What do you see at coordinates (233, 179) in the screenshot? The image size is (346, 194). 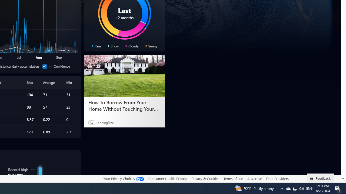 I see `'Terms of use'` at bounding box center [233, 179].